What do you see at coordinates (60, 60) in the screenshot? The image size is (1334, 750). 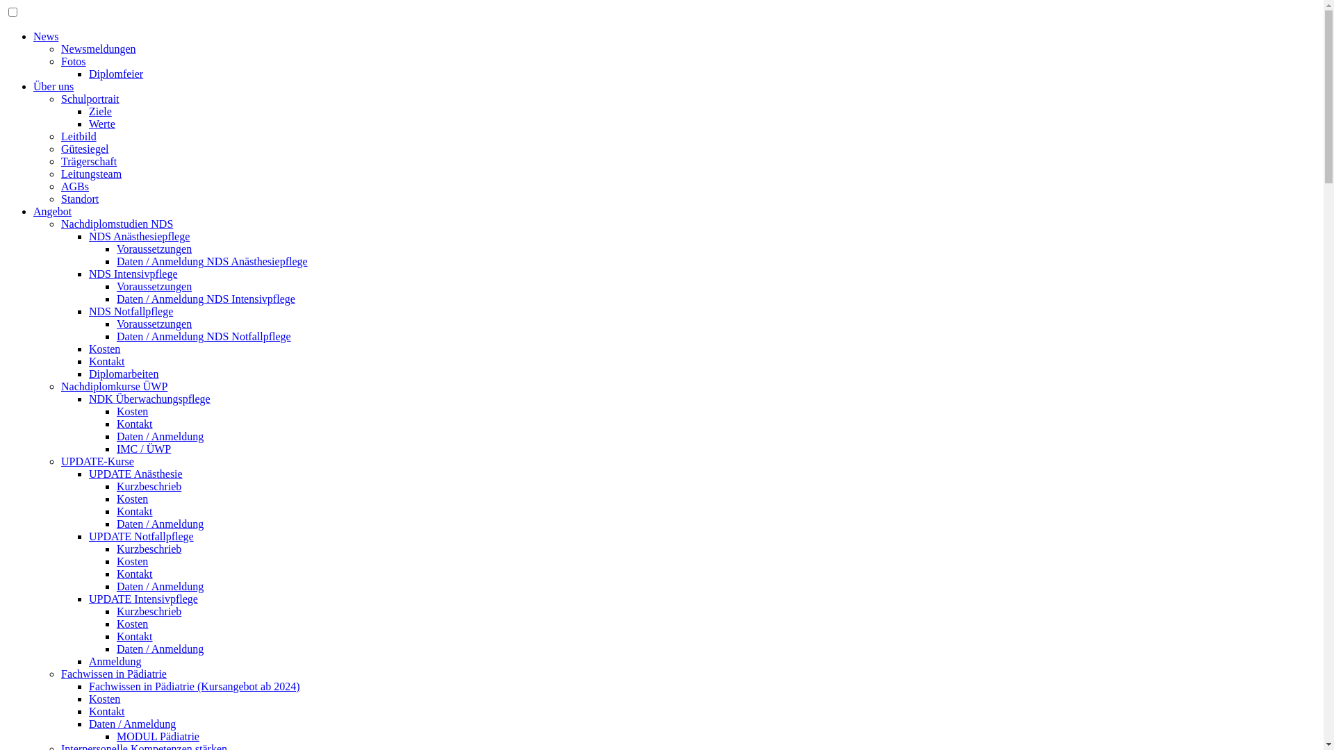 I see `'Fotos'` at bounding box center [60, 60].